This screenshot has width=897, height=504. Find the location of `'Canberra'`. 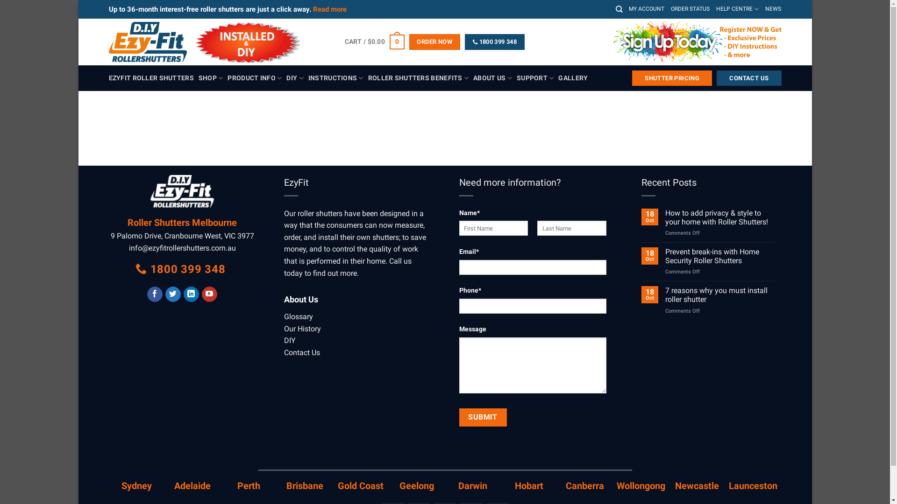

'Canberra' is located at coordinates (584, 485).